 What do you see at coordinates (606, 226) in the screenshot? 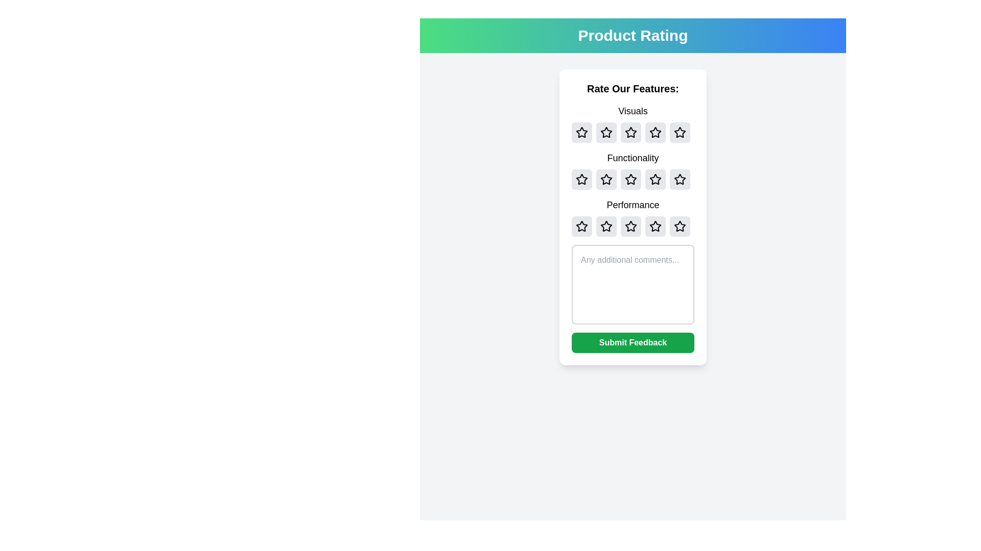
I see `the second button in the horizontal row of five elements within the 'Performance' section` at bounding box center [606, 226].